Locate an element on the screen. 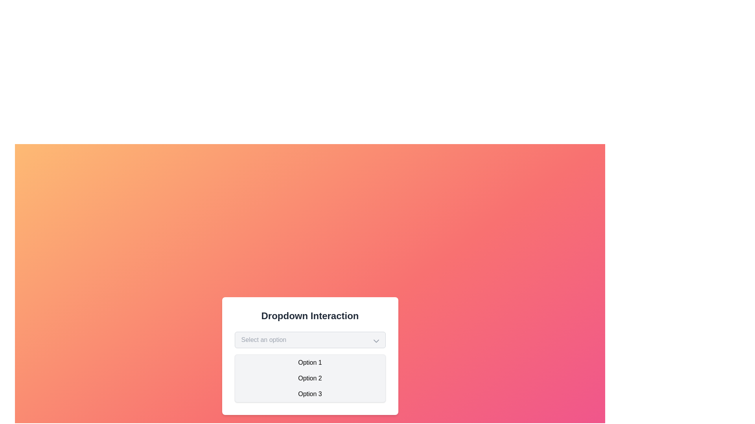 The image size is (755, 424). to select the third option in the dropdown menu, which updates the dropdown's state or triggers a related action is located at coordinates (309, 394).